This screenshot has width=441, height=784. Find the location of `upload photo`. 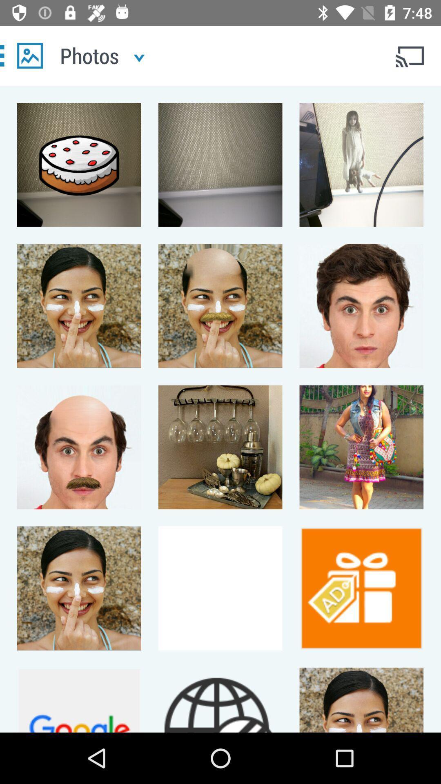

upload photo is located at coordinates (29, 55).